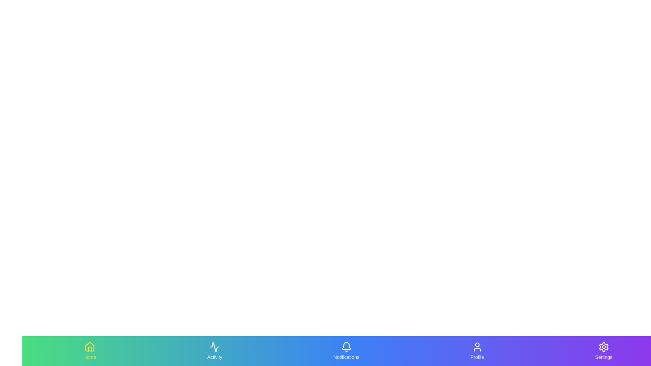 This screenshot has height=366, width=651. Describe the element at coordinates (477, 351) in the screenshot. I see `the navigation tab labeled Profile to see the hover effect` at that location.